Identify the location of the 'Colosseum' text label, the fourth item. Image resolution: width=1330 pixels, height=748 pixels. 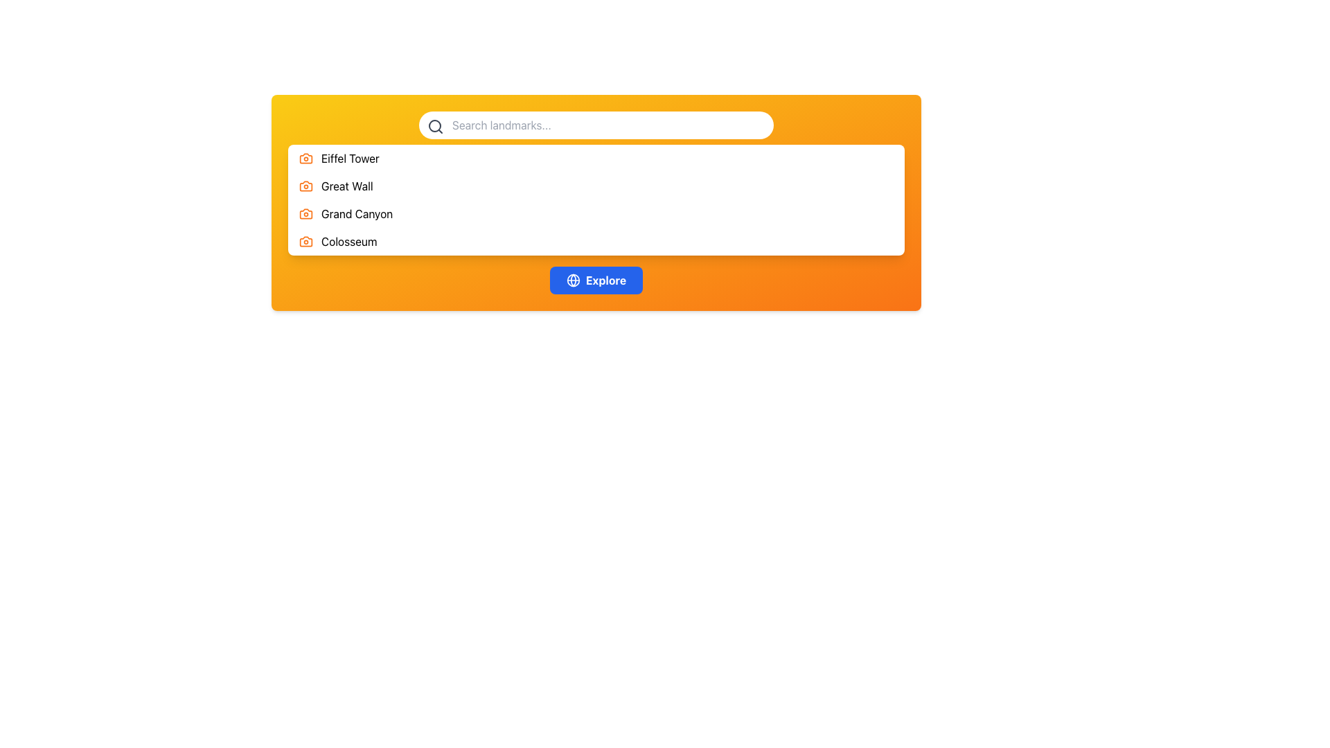
(349, 240).